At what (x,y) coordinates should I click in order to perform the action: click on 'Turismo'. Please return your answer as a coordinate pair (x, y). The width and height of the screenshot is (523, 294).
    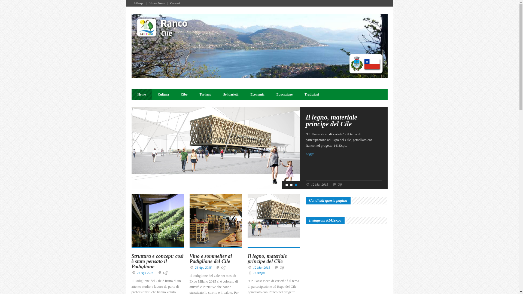
    Looking at the image, I should click on (205, 94).